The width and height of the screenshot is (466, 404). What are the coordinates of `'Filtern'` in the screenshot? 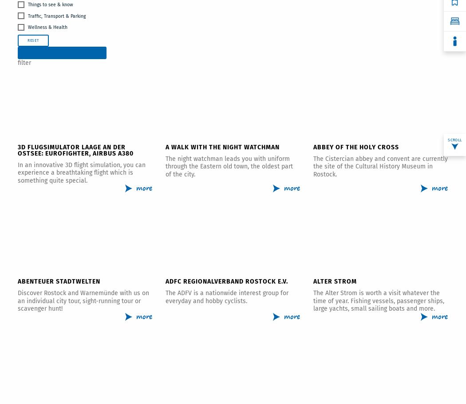 It's located at (61, 52).